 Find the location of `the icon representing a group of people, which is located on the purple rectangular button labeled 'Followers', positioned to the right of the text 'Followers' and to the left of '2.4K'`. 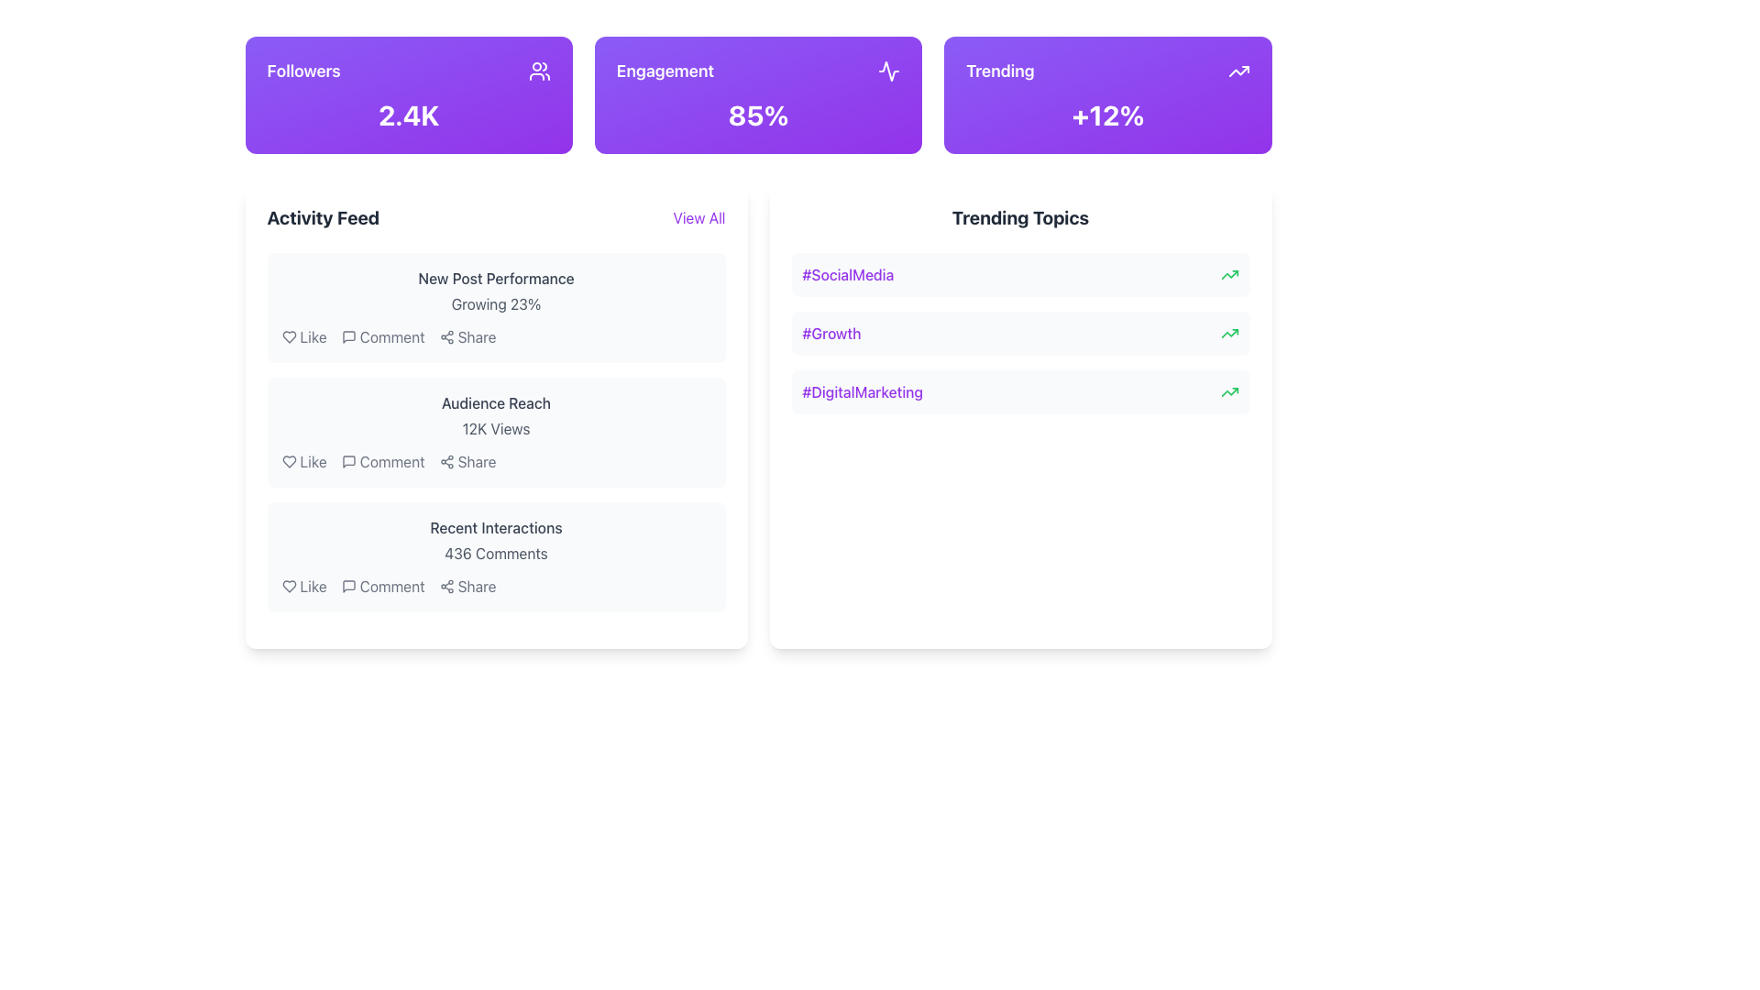

the icon representing a group of people, which is located on the purple rectangular button labeled 'Followers', positioned to the right of the text 'Followers' and to the left of '2.4K' is located at coordinates (538, 70).